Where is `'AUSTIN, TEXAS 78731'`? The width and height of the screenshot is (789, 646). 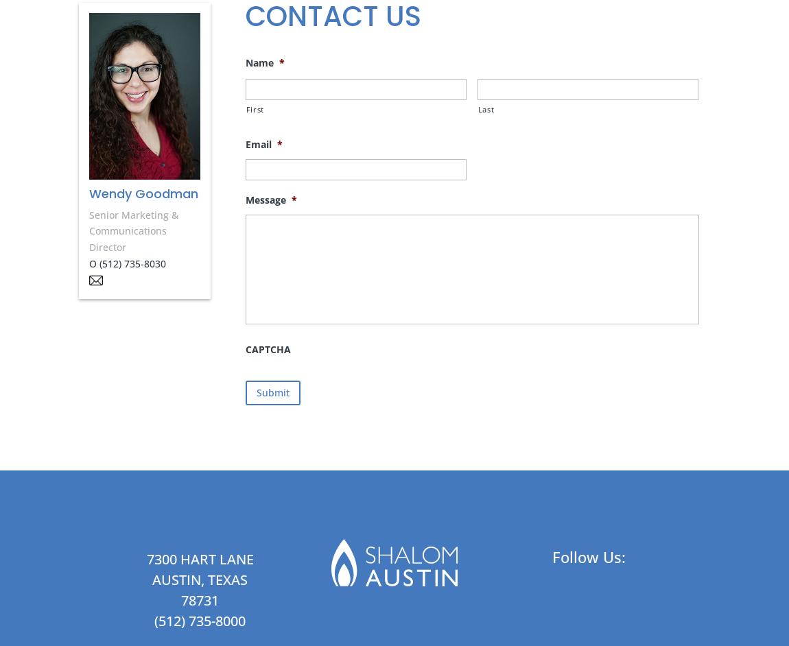
'AUSTIN, TEXAS 78731' is located at coordinates (151, 590).